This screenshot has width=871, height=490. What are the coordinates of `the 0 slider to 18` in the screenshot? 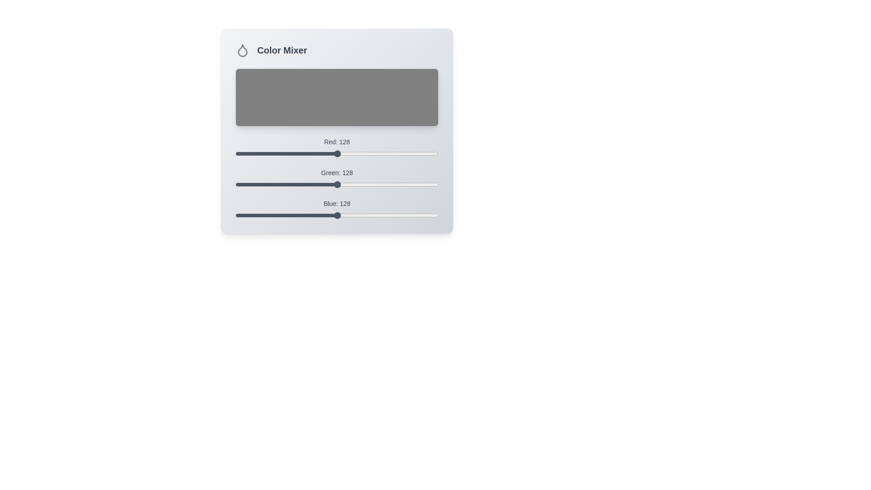 It's located at (250, 150).